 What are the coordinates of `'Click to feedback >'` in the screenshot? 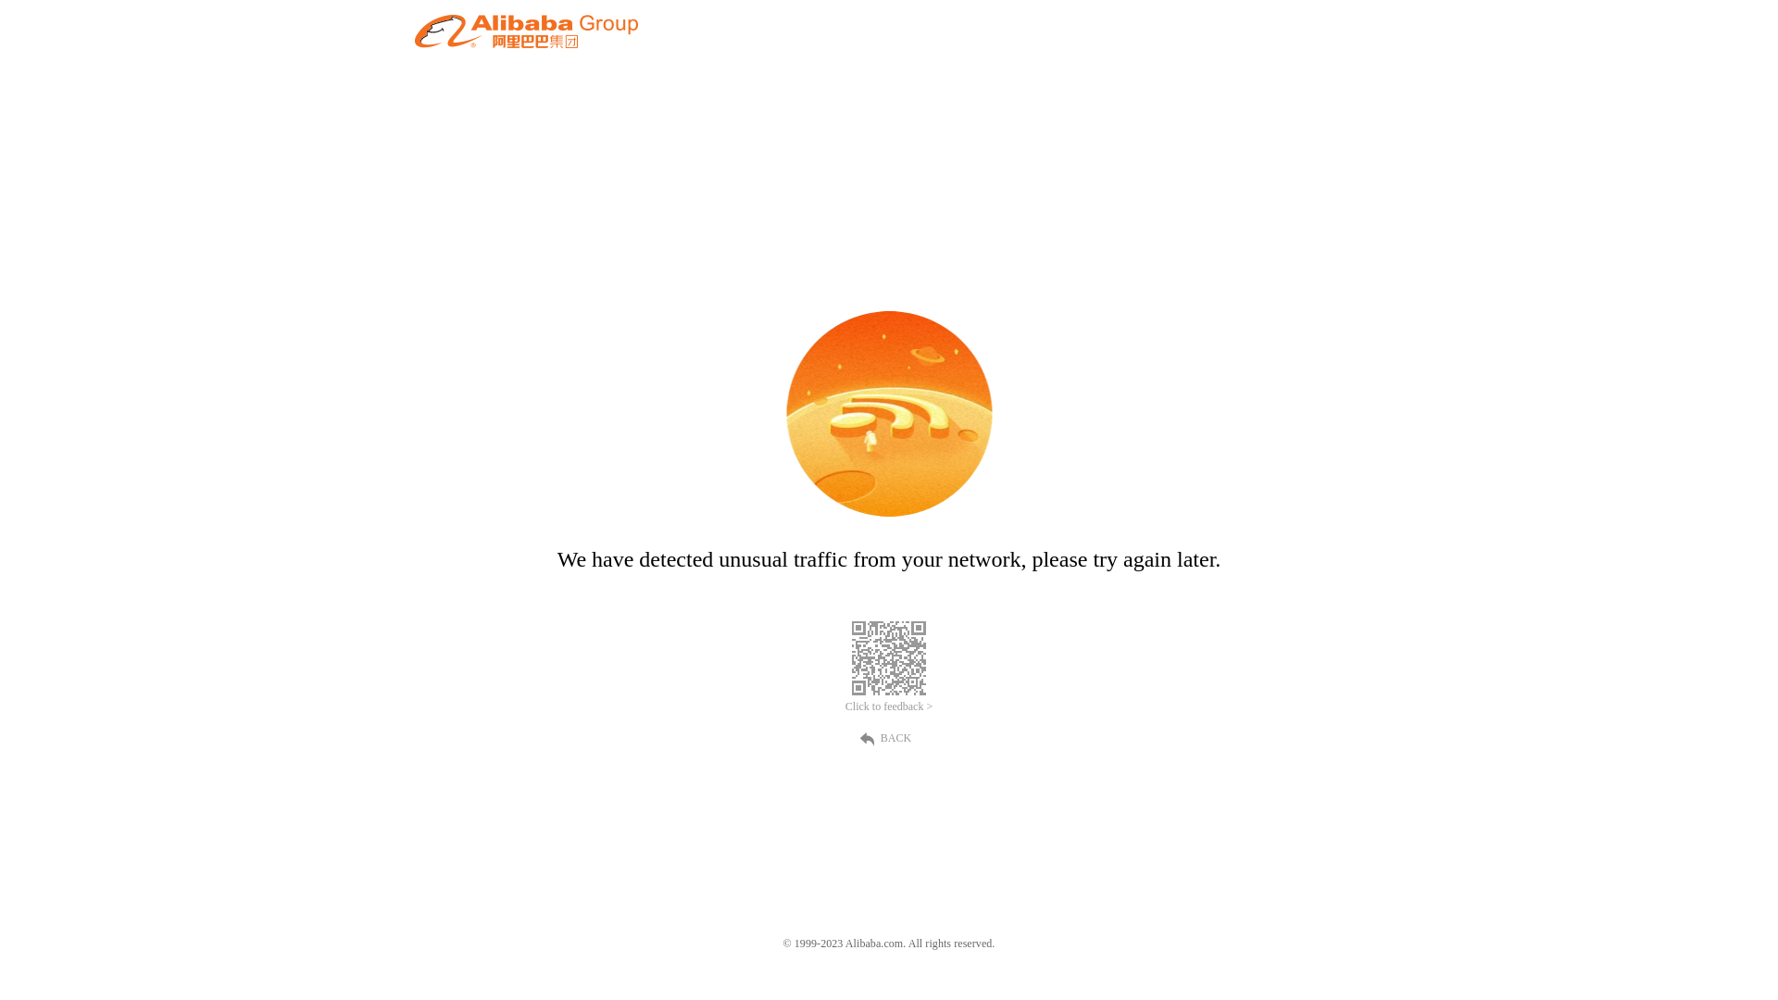 It's located at (889, 706).